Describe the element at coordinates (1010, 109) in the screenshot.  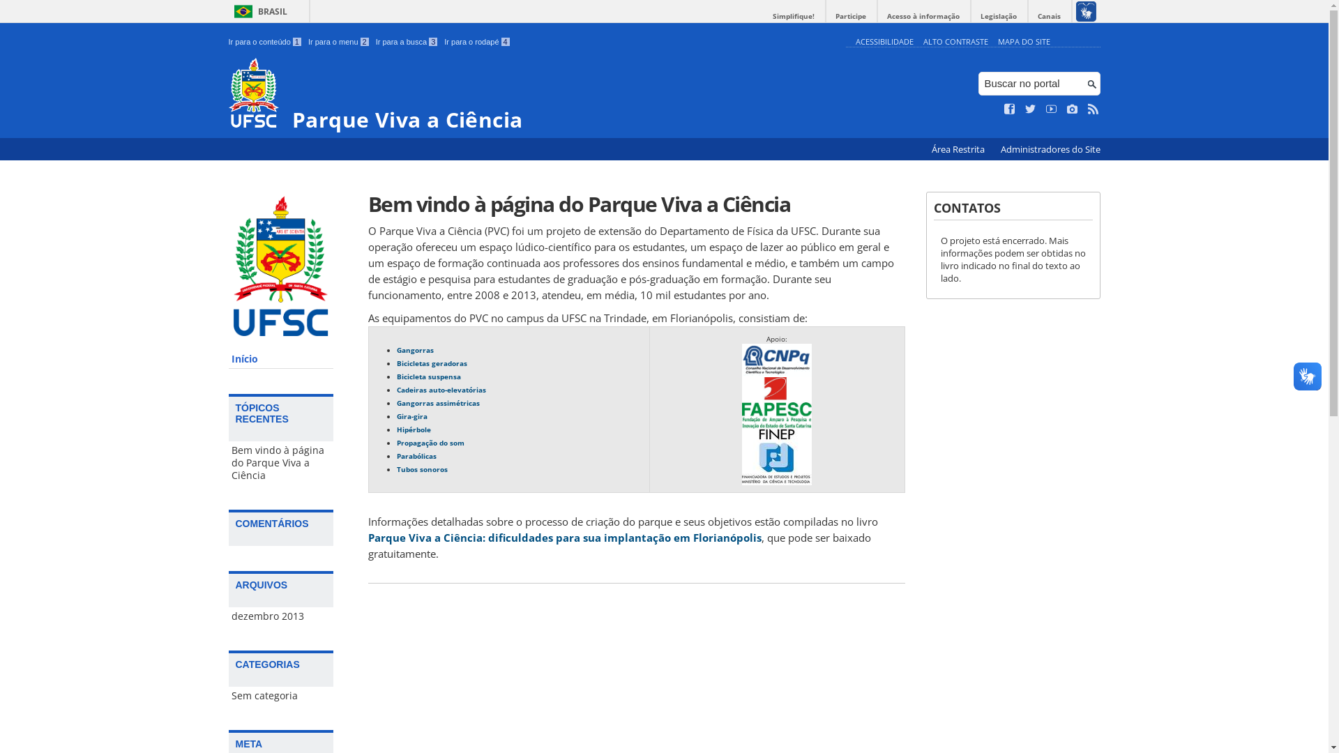
I see `'Curta no Facebook'` at that location.